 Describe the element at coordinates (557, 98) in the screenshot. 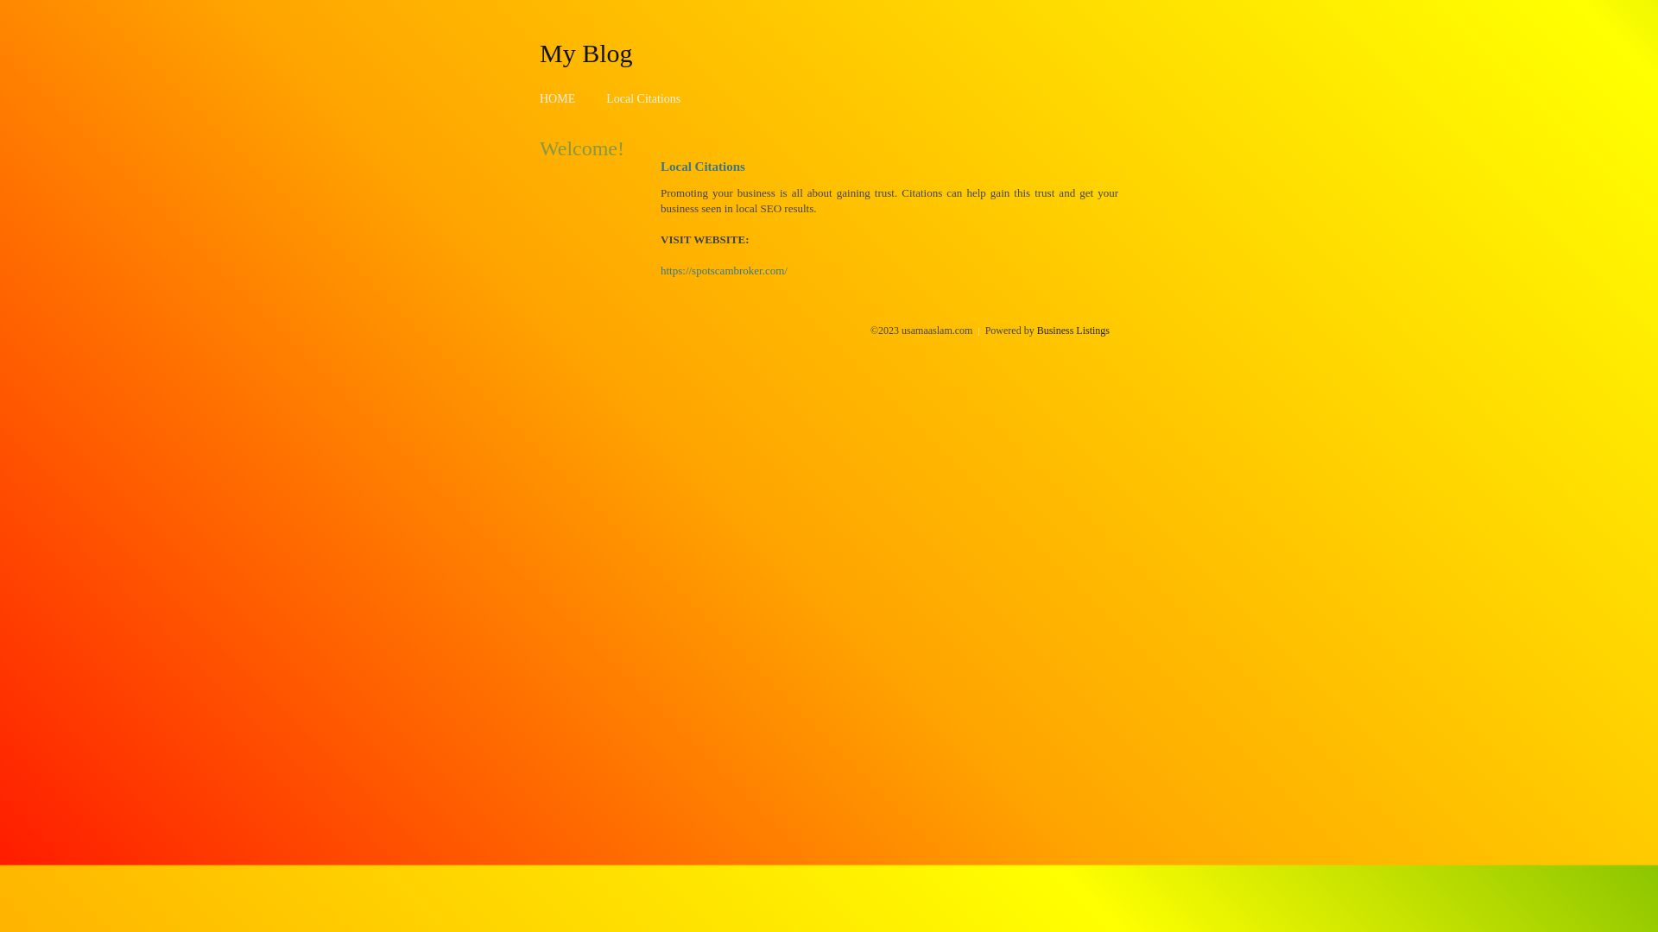

I see `'HOME'` at that location.